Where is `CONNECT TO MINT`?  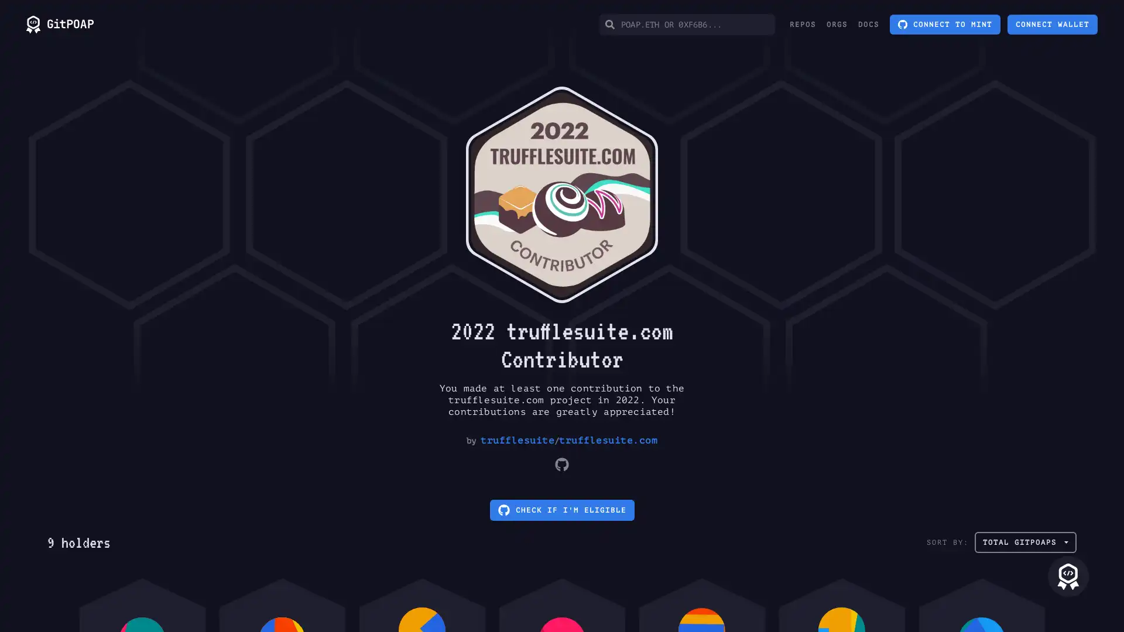
CONNECT TO MINT is located at coordinates (945, 25).